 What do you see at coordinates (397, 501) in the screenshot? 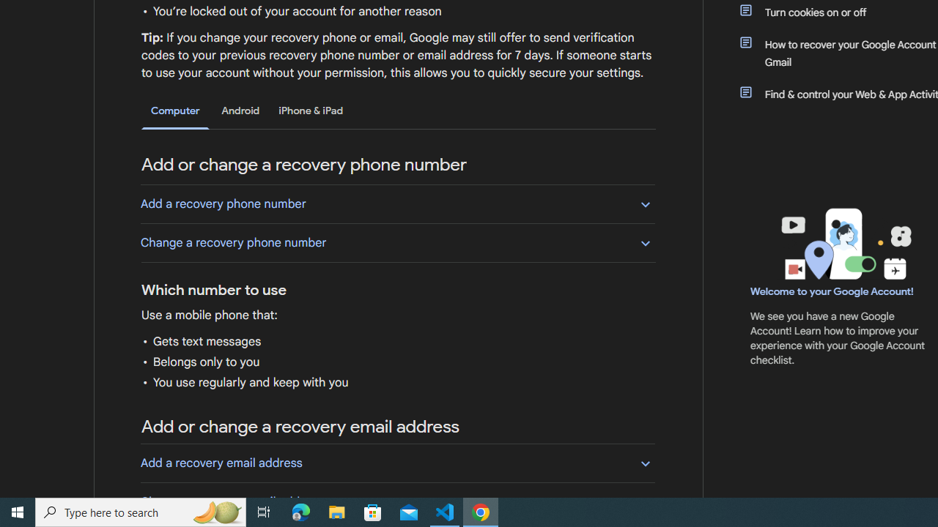
I see `'Change a recovery email address'` at bounding box center [397, 501].